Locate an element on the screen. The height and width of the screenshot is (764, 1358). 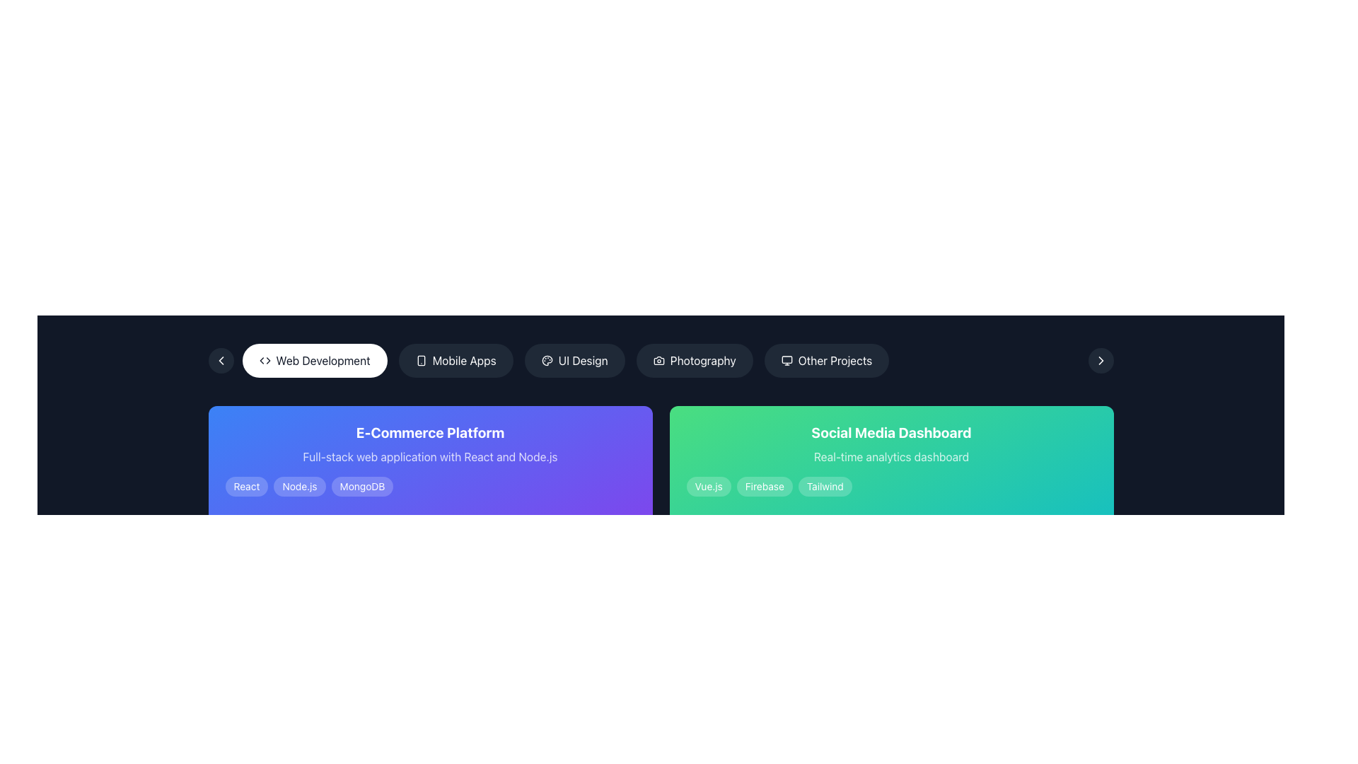
the 'UI Design' button, which has a dark gray background and white text, located between the 'Mobile Apps' and 'Photography' buttons is located at coordinates (574, 359).